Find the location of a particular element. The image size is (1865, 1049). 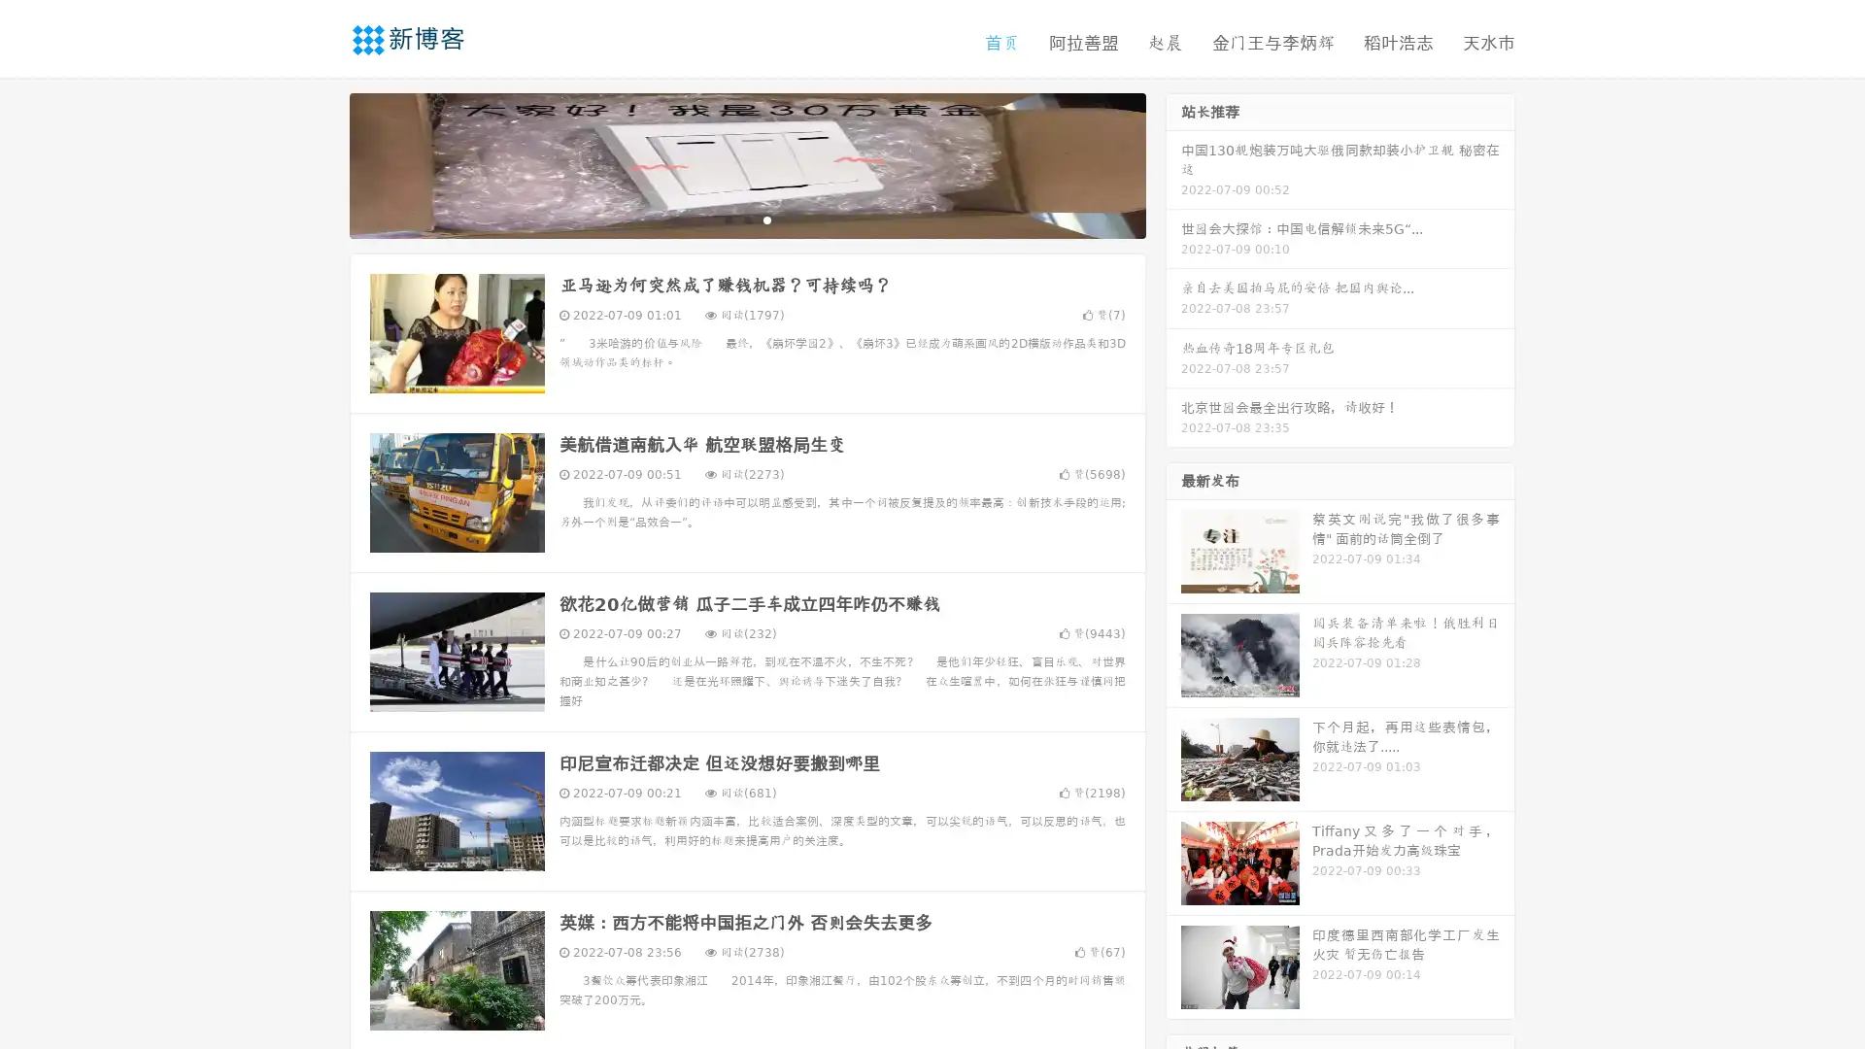

Go to slide 3 is located at coordinates (766, 219).